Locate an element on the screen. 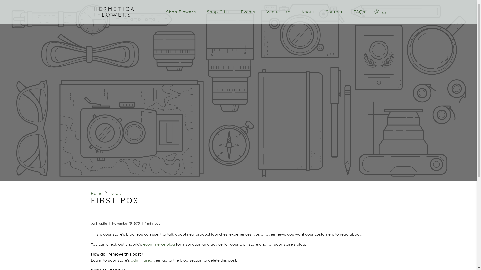  'admin area' is located at coordinates (141, 260).